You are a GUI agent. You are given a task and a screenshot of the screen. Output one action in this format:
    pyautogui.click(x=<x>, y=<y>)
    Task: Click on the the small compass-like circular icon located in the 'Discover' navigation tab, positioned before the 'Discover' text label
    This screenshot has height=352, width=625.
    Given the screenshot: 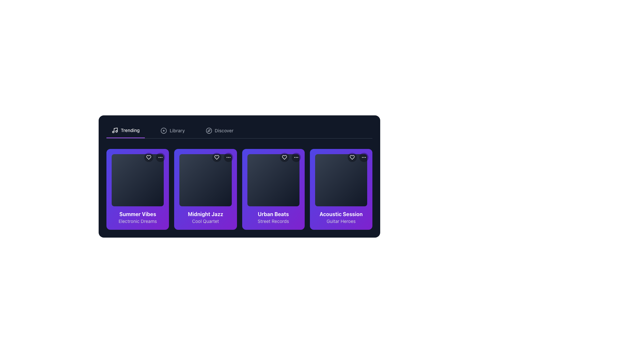 What is the action you would take?
    pyautogui.click(x=209, y=131)
    